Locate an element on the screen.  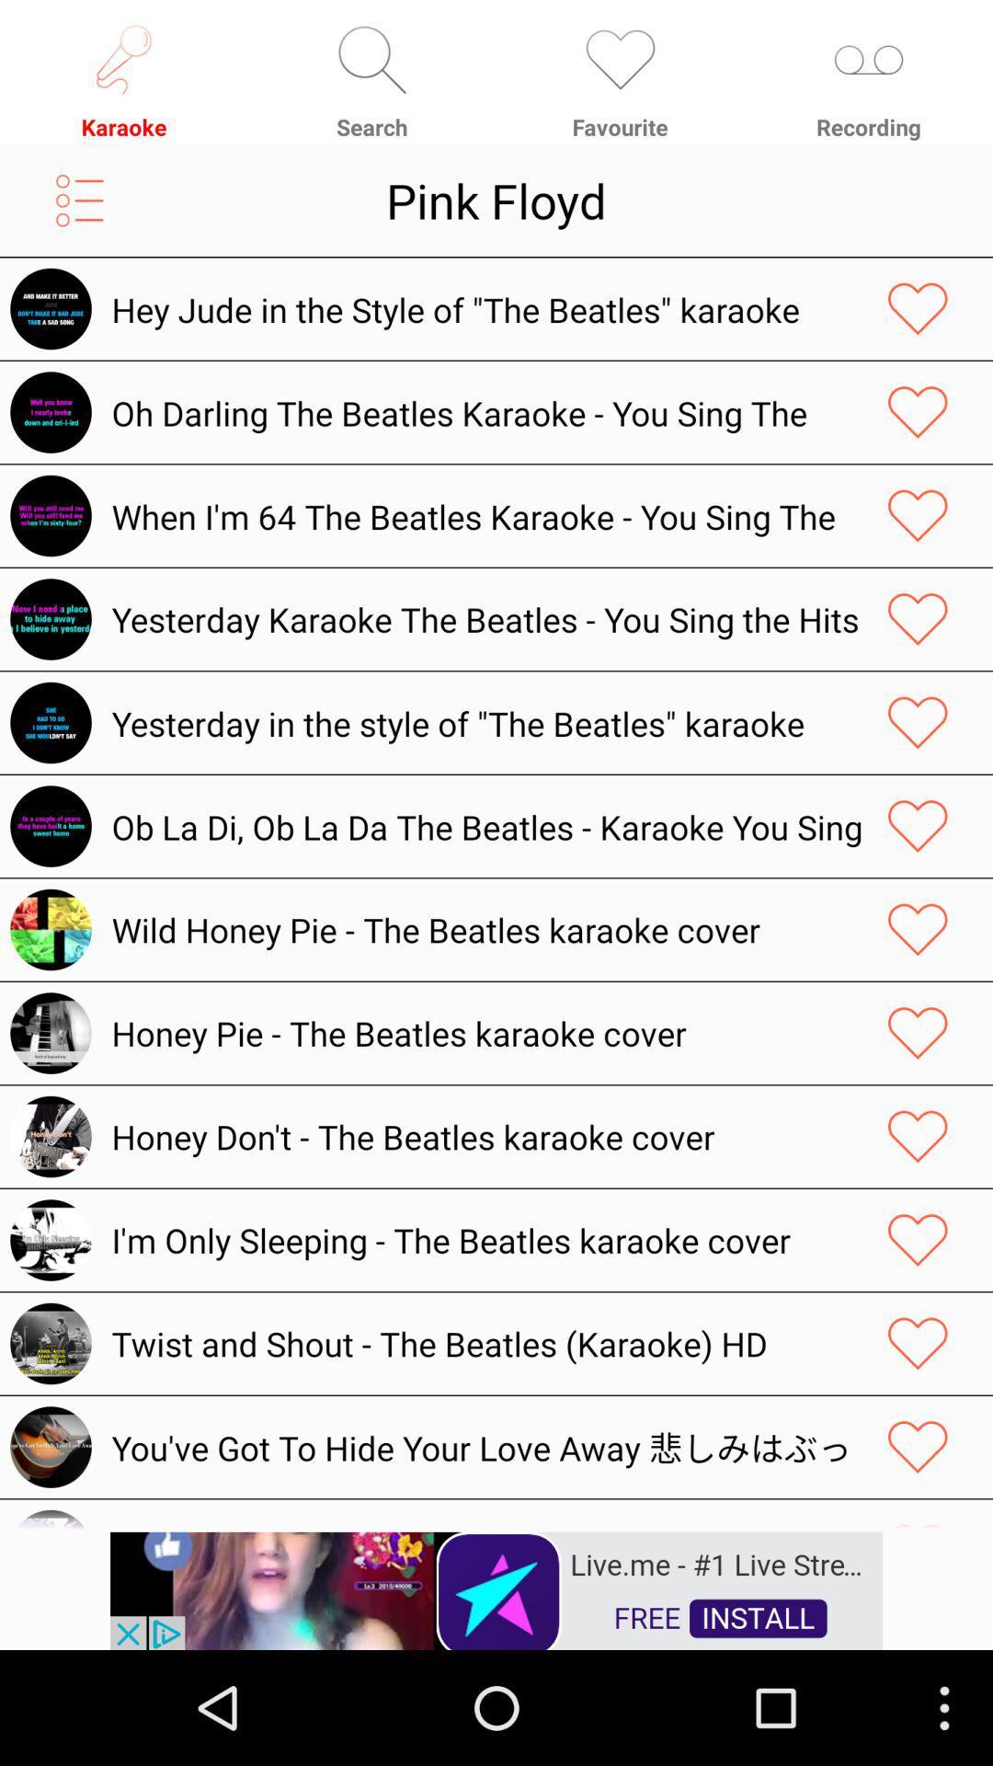
the list icon is located at coordinates (79, 214).